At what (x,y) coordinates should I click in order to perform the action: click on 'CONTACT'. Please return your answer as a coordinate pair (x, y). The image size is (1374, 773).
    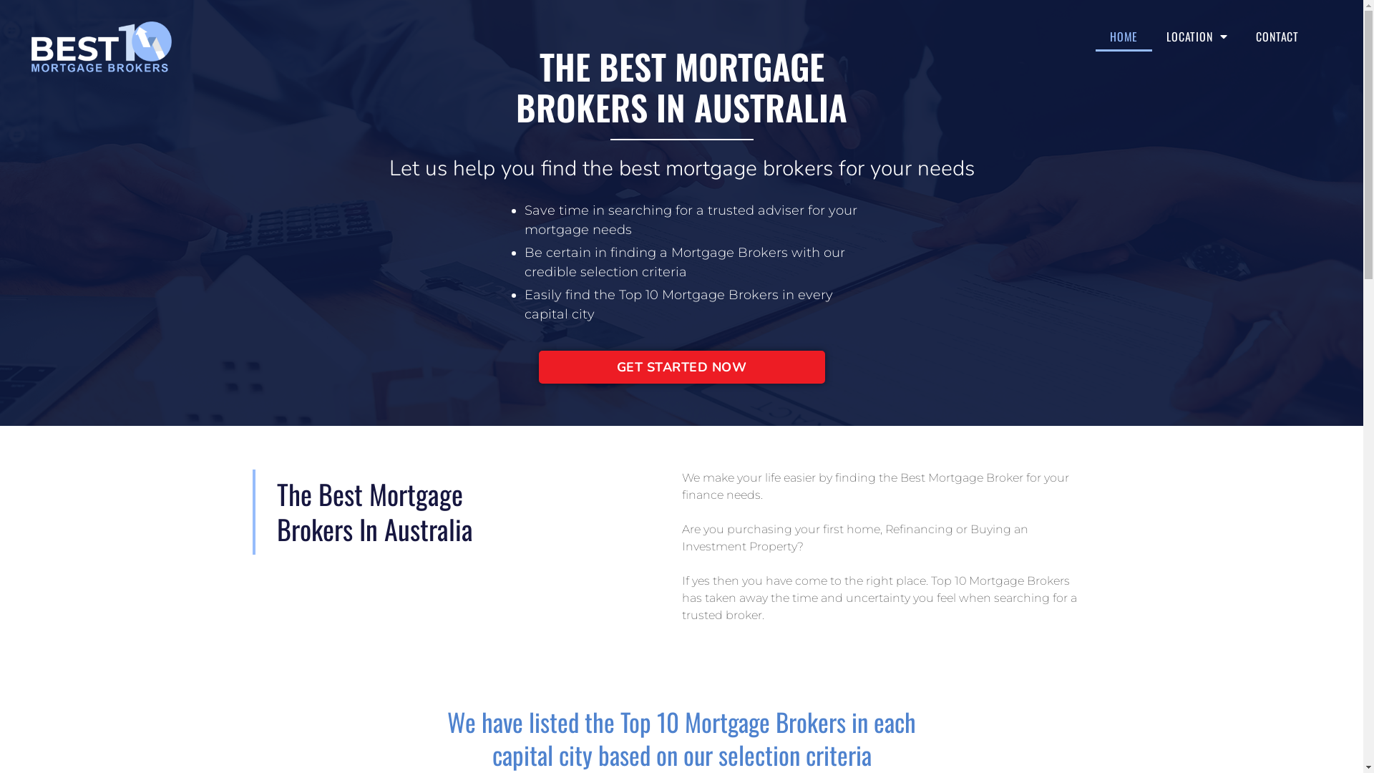
    Looking at the image, I should click on (1240, 35).